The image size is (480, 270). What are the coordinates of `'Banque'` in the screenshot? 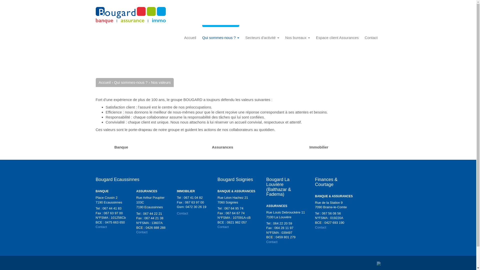 It's located at (99, 147).